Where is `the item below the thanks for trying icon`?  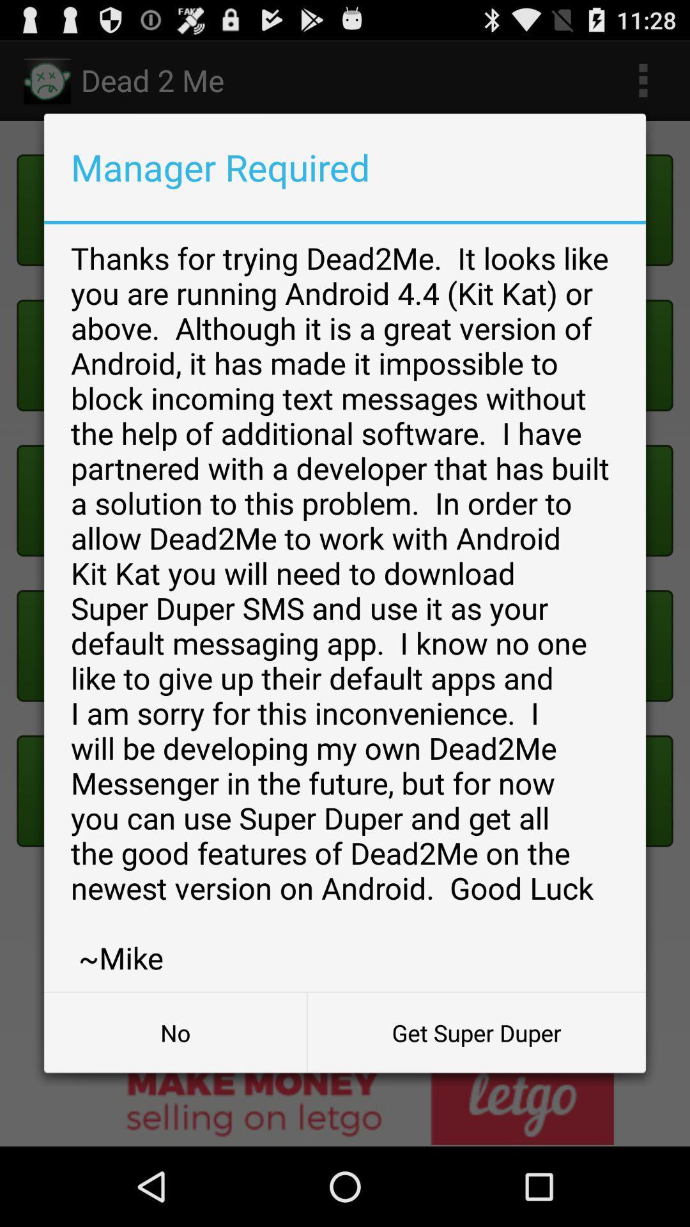 the item below the thanks for trying icon is located at coordinates (477, 1033).